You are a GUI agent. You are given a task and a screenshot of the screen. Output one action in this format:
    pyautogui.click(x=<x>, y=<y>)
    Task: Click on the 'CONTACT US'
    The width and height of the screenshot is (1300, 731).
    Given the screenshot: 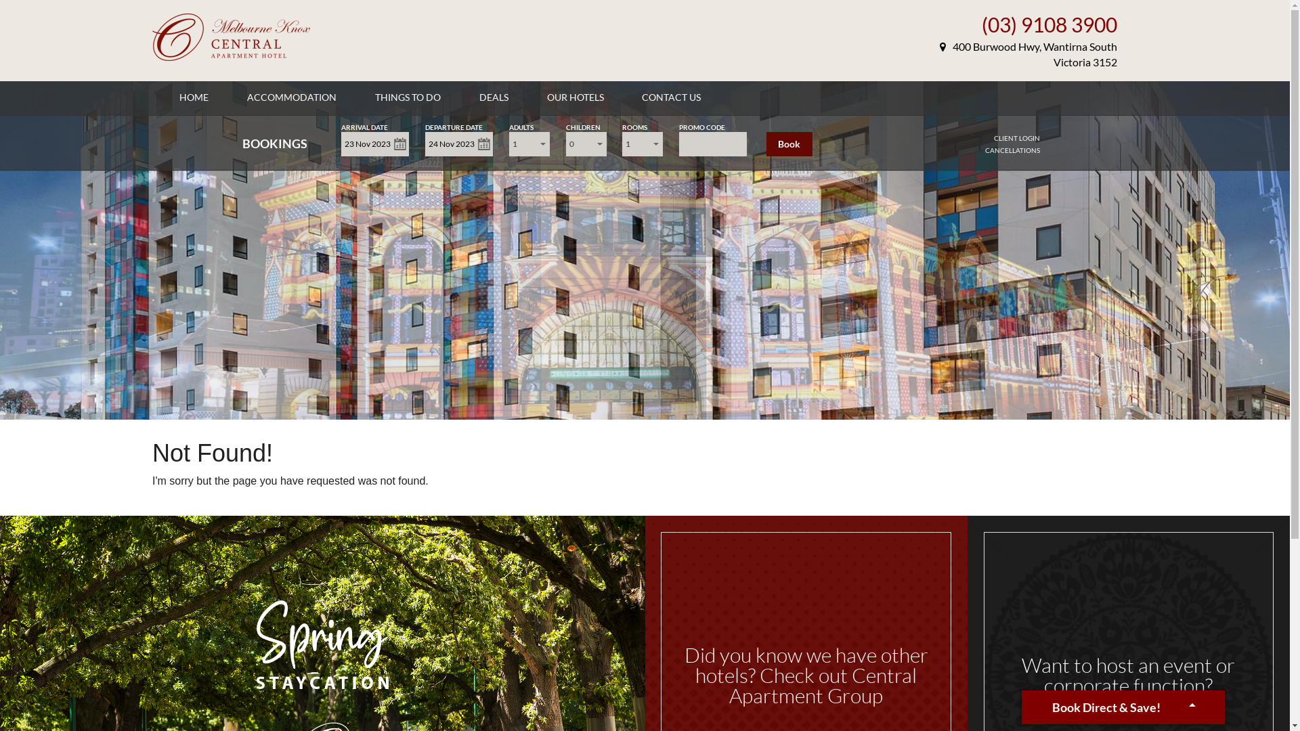 What is the action you would take?
    pyautogui.click(x=671, y=96)
    